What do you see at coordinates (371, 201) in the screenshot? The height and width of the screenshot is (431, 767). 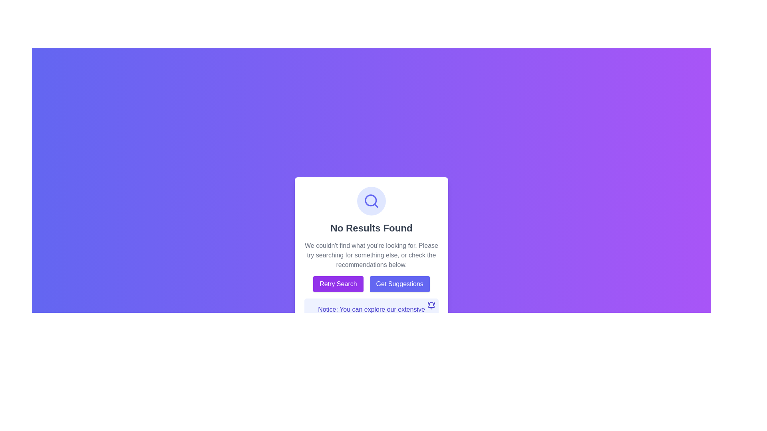 I see `the circular purple magnifying glass icon located at the top center of the panel above the 'No Results Found' text block` at bounding box center [371, 201].